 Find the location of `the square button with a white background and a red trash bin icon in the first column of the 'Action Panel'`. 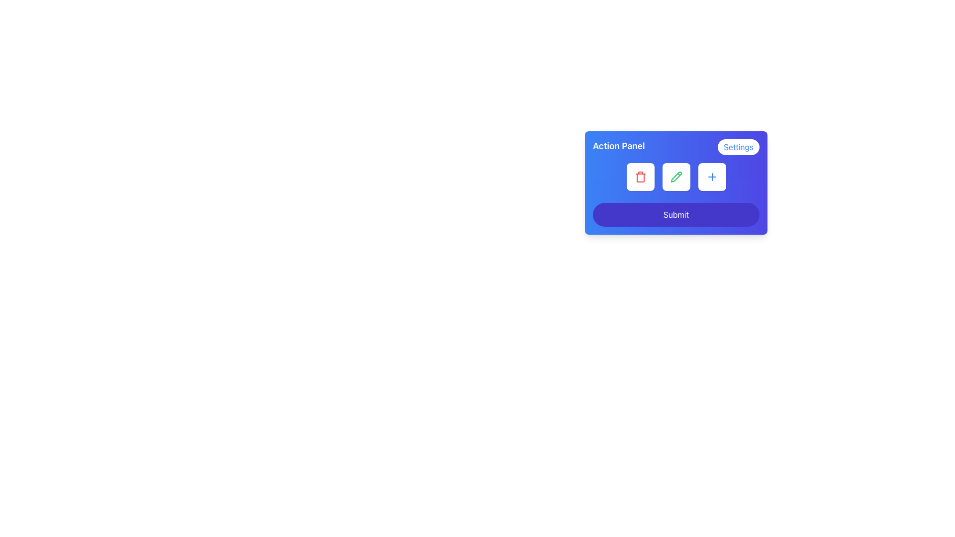

the square button with a white background and a red trash bin icon in the first column of the 'Action Panel' is located at coordinates (640, 176).